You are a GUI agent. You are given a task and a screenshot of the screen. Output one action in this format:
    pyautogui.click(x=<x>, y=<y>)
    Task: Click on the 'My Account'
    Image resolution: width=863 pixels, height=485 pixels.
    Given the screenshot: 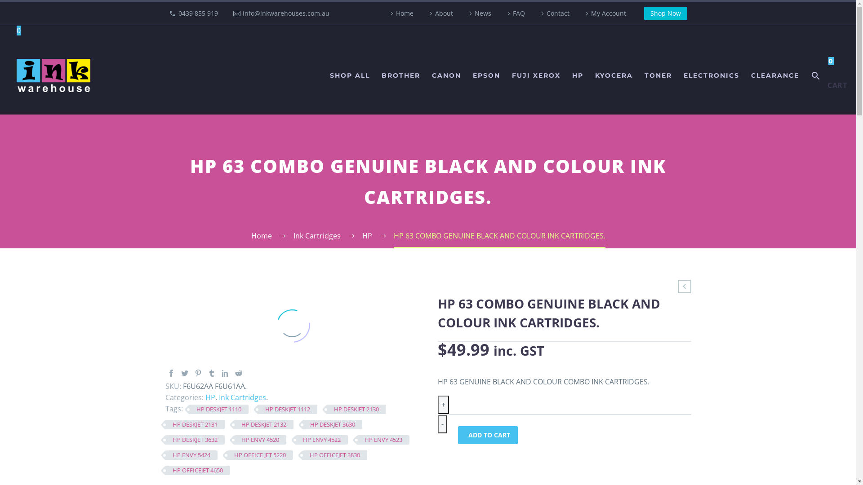 What is the action you would take?
    pyautogui.click(x=604, y=13)
    